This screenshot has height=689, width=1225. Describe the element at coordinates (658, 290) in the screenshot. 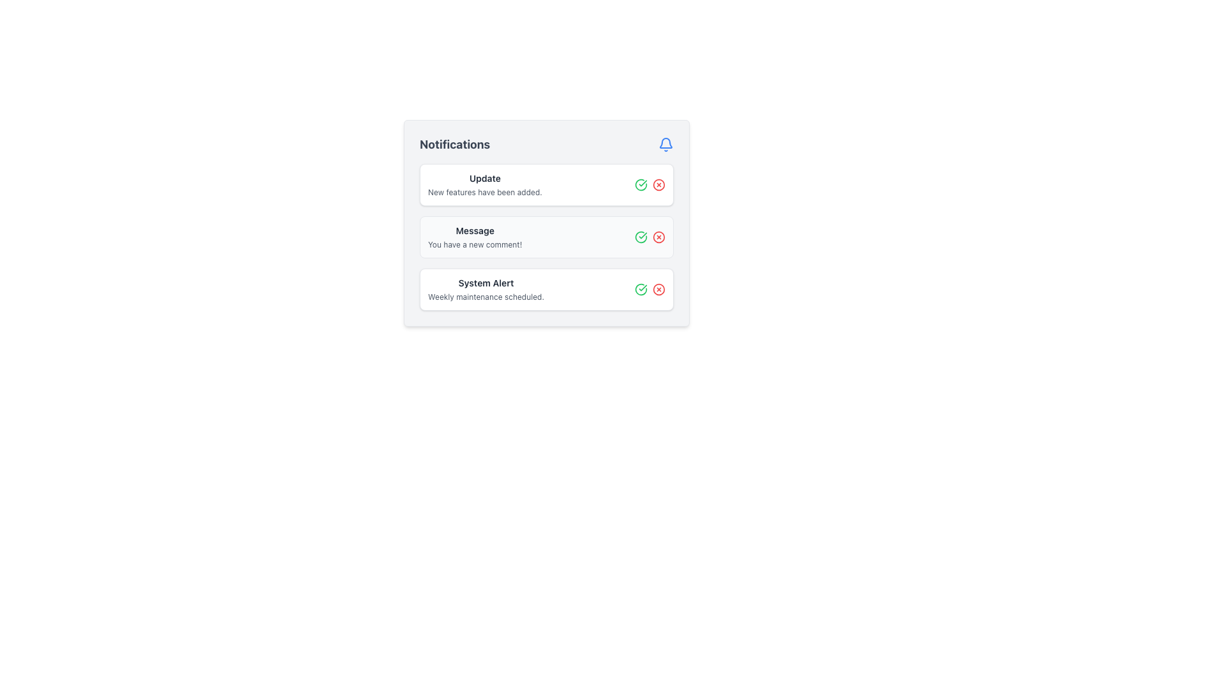

I see `the error or cancel action icon associated with the 'System Alert' notification located at the bottom of the notification list` at that location.